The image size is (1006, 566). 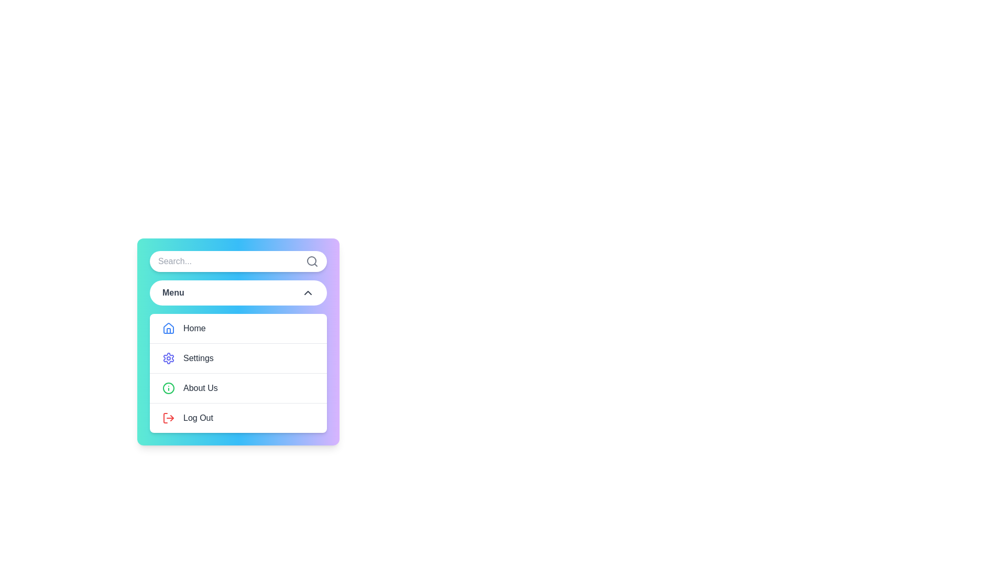 What do you see at coordinates (311, 260) in the screenshot?
I see `the circular magnifying glass icon located at the rightmost end of the search bar to initiate a search action` at bounding box center [311, 260].